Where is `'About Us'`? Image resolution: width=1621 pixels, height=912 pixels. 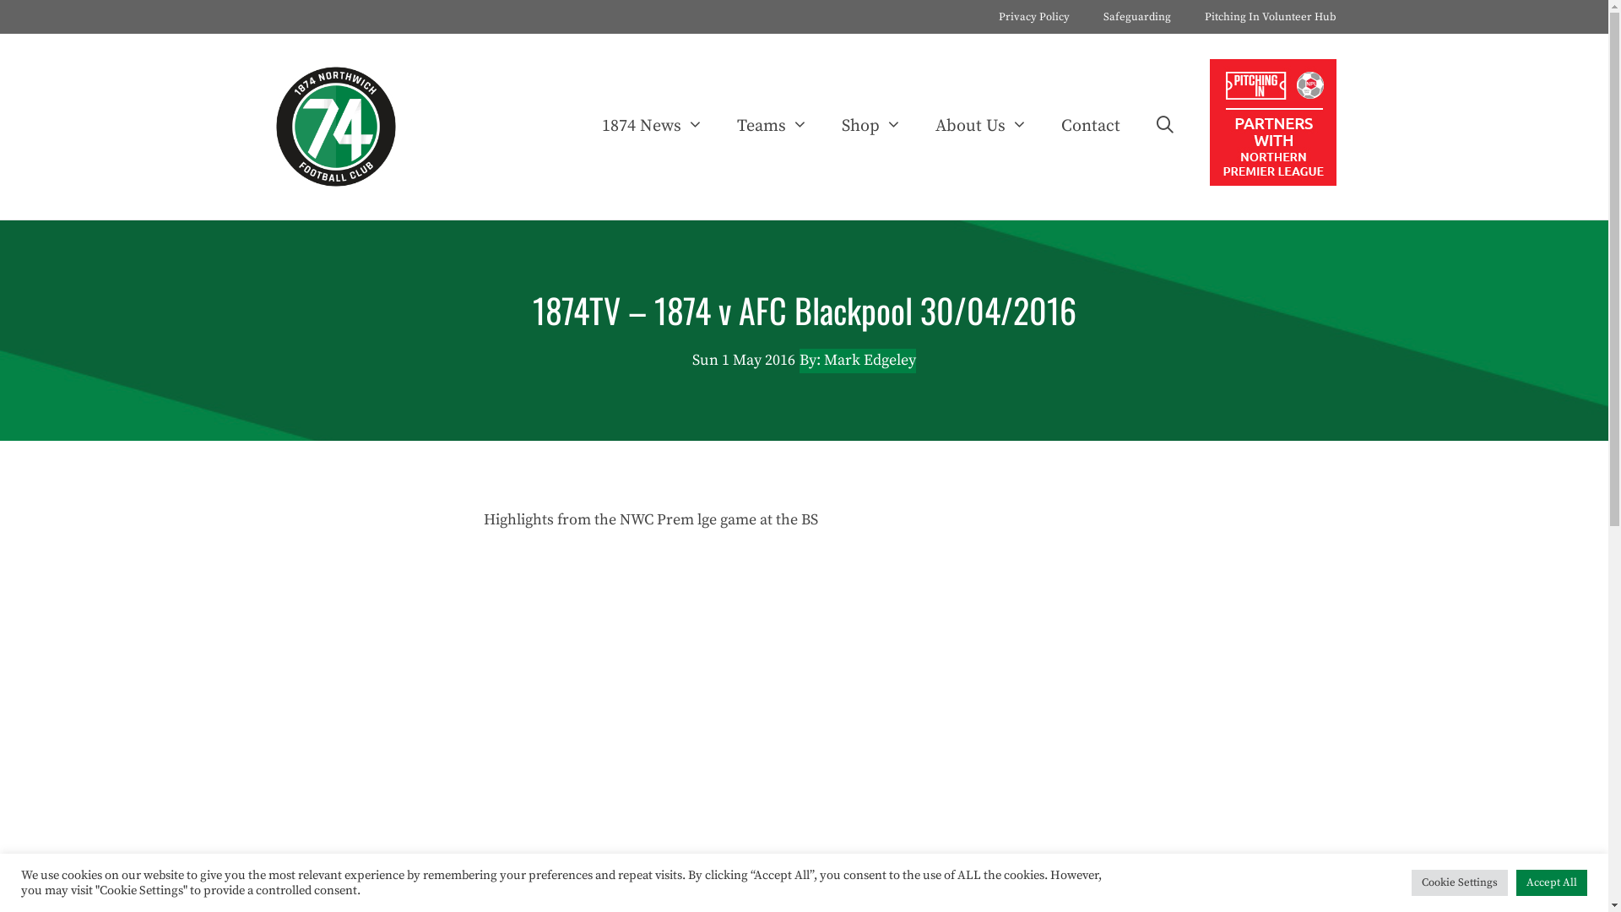
'About Us' is located at coordinates (981, 126).